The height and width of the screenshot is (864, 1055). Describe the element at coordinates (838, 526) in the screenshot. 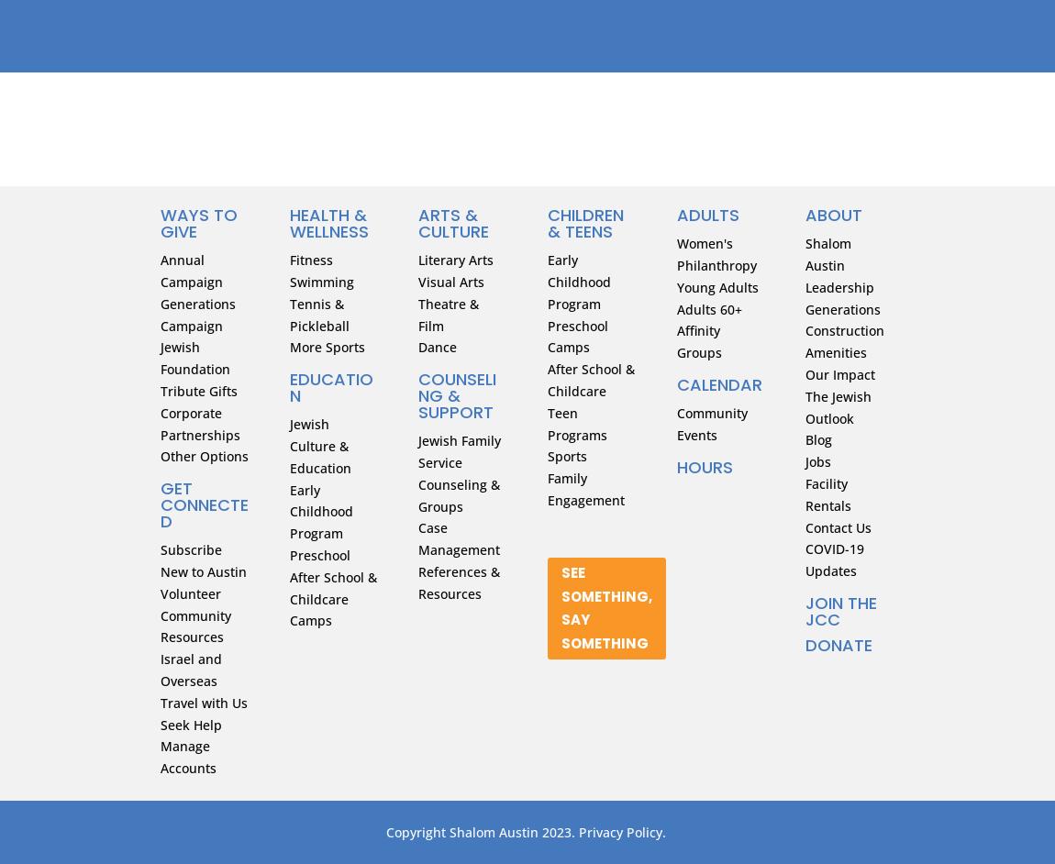

I see `'Contact Us'` at that location.